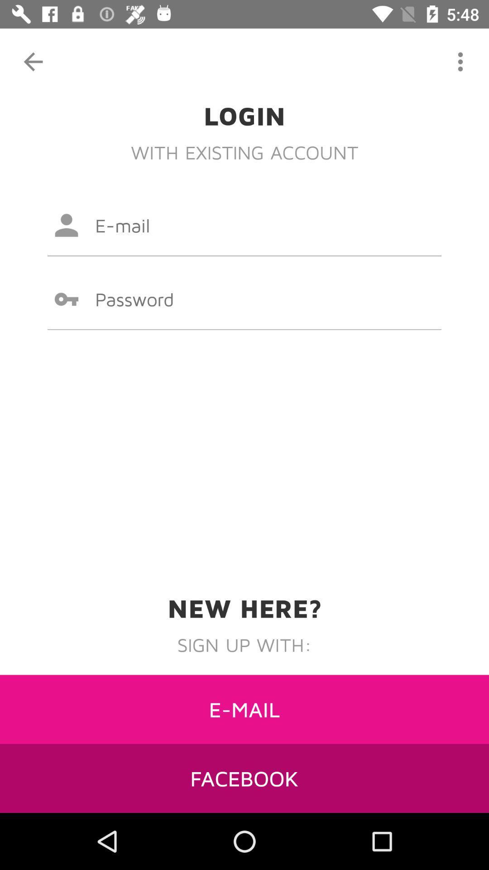 This screenshot has height=870, width=489. What do you see at coordinates (244, 299) in the screenshot?
I see `password` at bounding box center [244, 299].